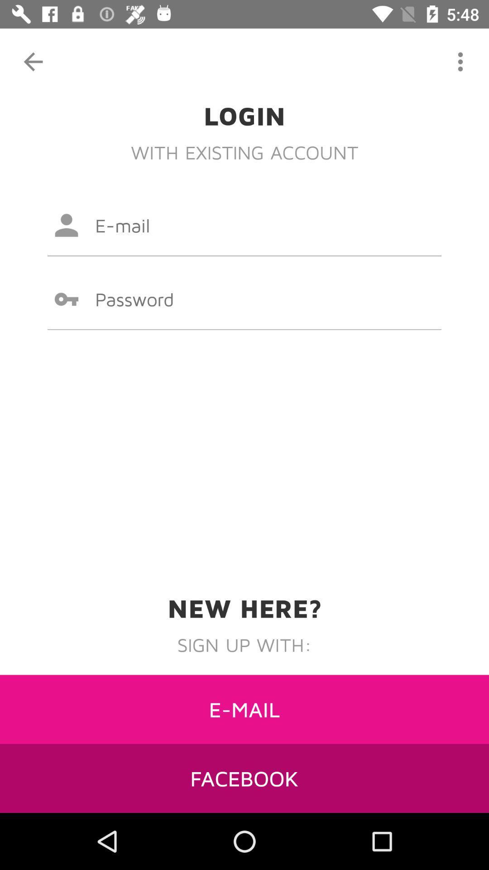 This screenshot has height=870, width=489. What do you see at coordinates (244, 299) in the screenshot?
I see `password` at bounding box center [244, 299].